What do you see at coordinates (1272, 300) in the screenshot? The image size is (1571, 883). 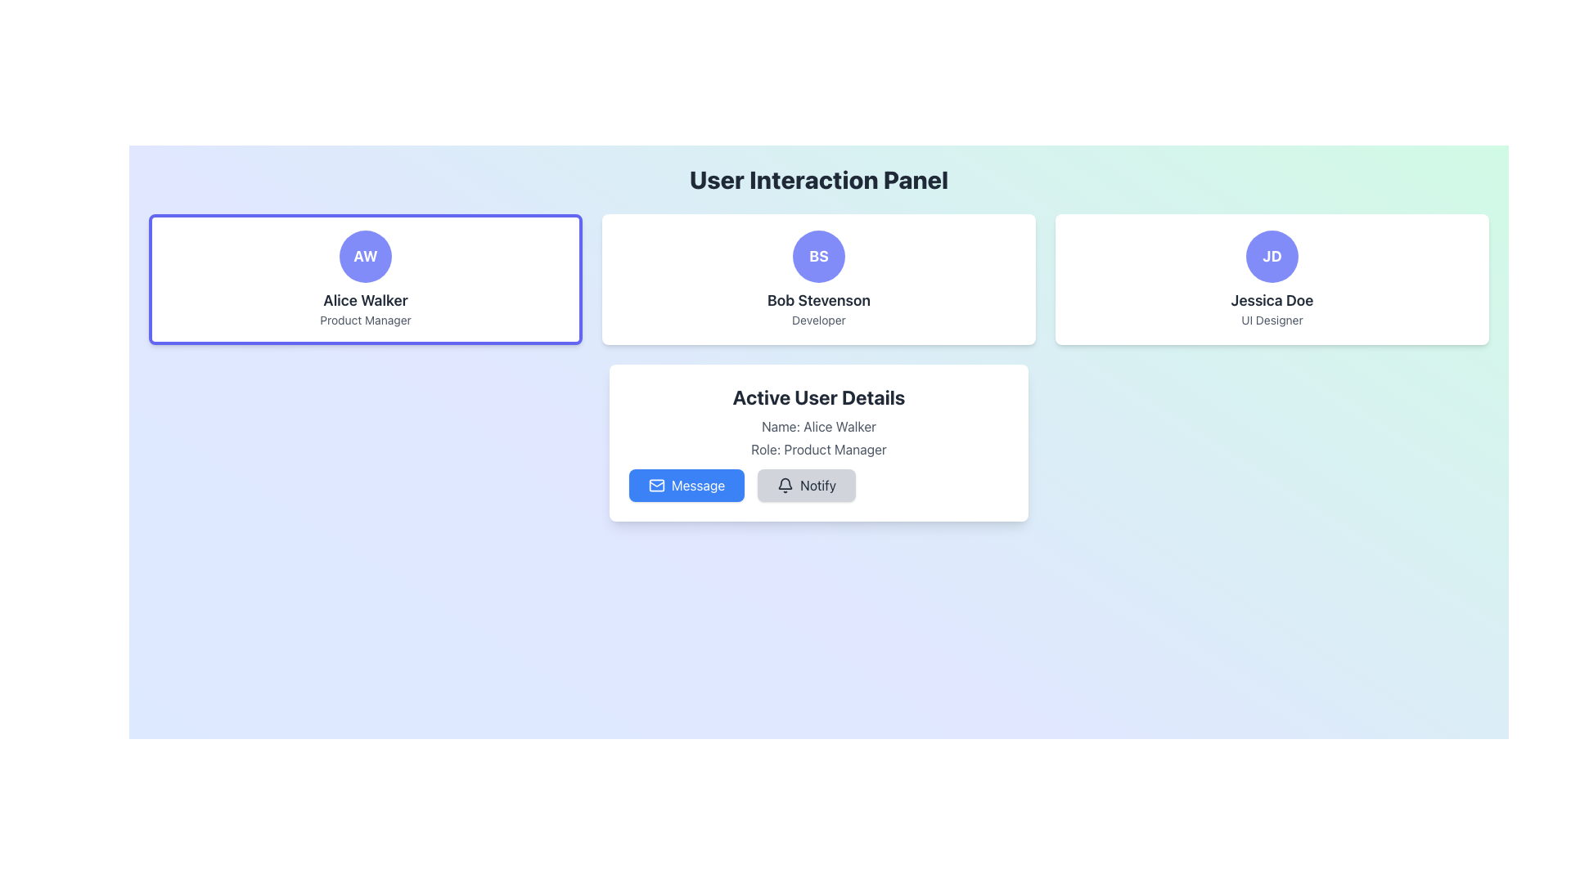 I see `the Text Label displaying 'Jessica Doe', which is styled in a bold, large font and positioned below the 'JD' icon in the rightmost user card` at bounding box center [1272, 300].